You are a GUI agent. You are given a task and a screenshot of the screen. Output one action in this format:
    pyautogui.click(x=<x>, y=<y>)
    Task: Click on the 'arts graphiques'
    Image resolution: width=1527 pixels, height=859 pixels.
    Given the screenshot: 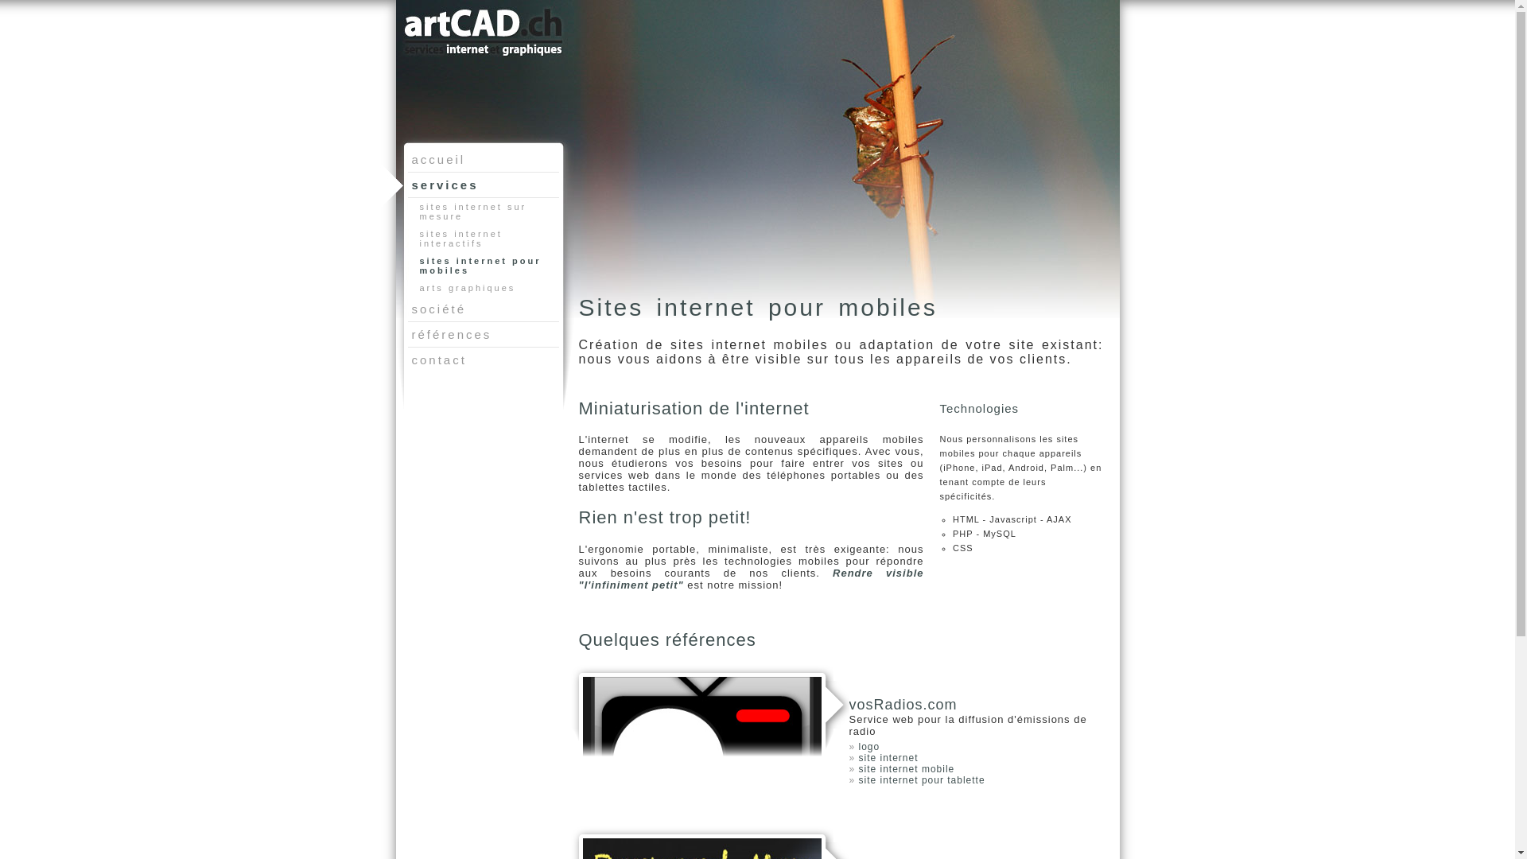 What is the action you would take?
    pyautogui.click(x=485, y=288)
    